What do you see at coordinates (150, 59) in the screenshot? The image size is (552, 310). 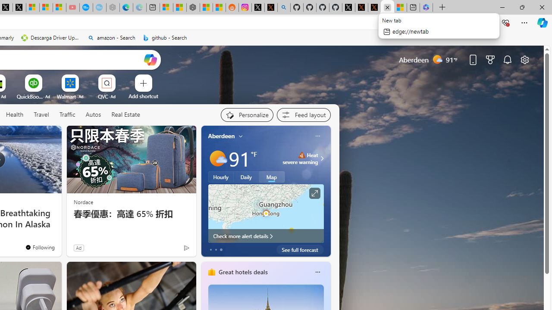 I see `'Open Copilot'` at bounding box center [150, 59].